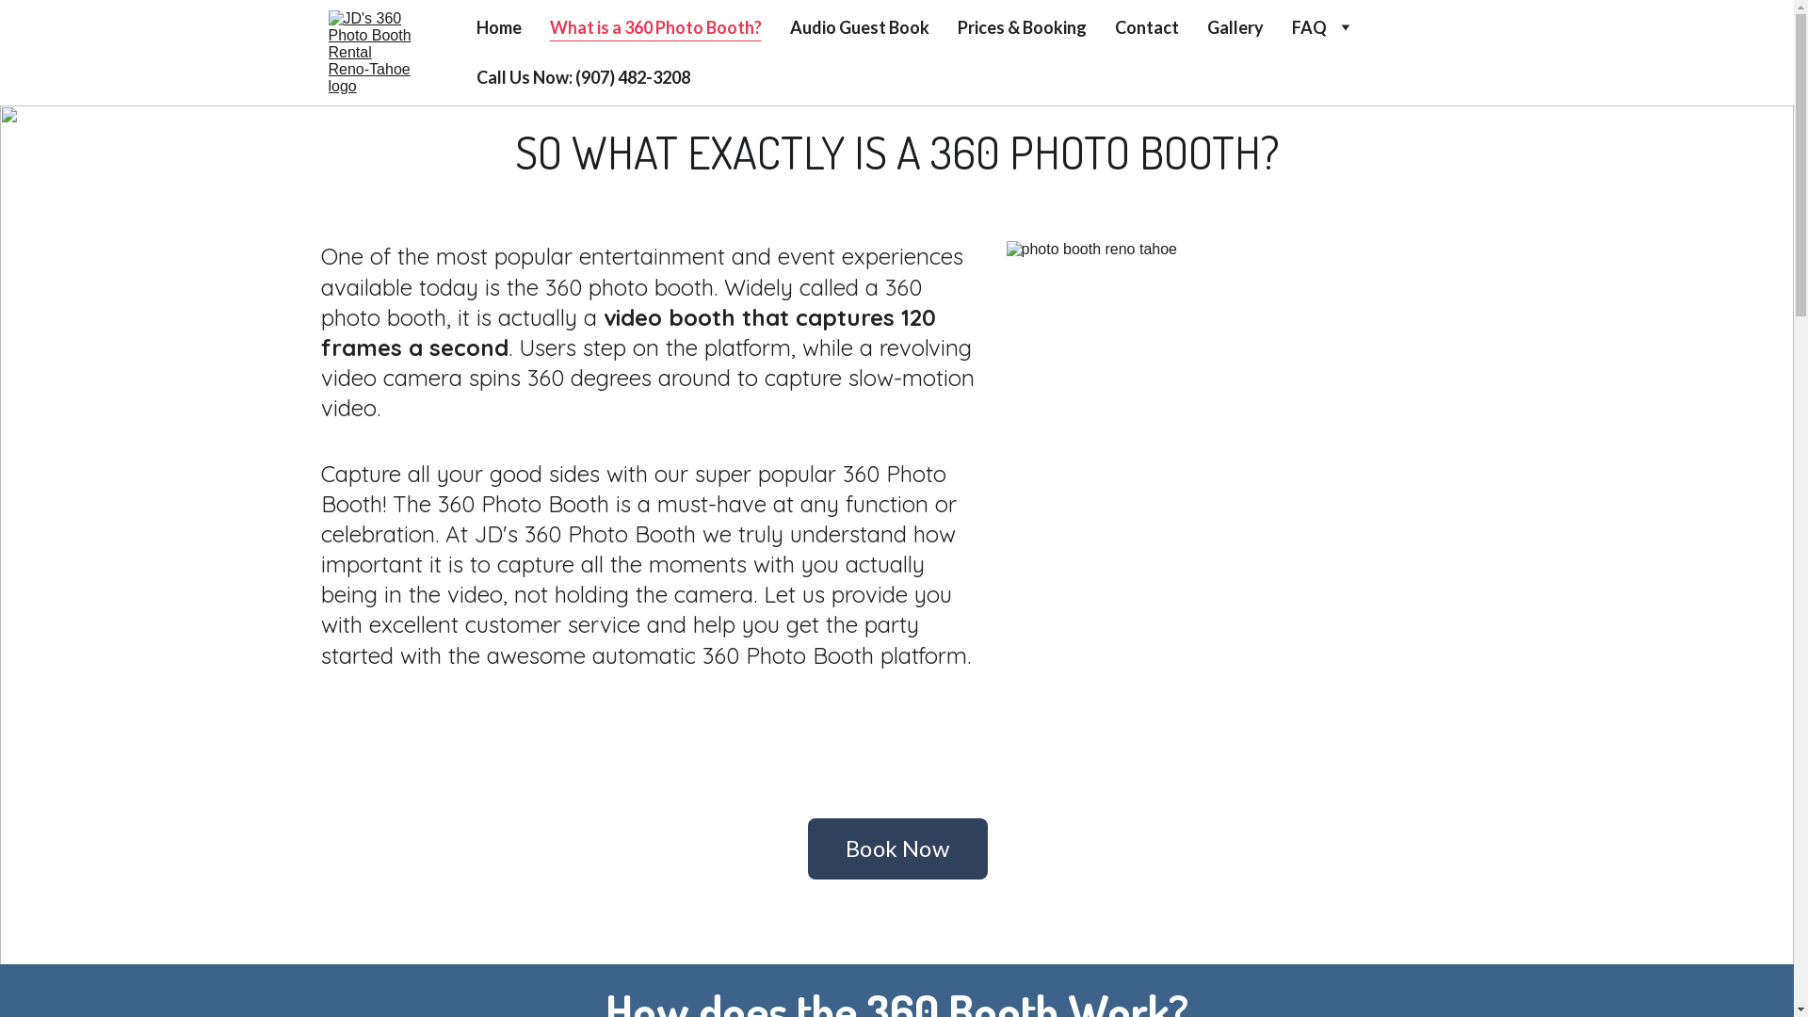 This screenshot has width=1808, height=1017. Describe the element at coordinates (549, 27) in the screenshot. I see `'What is a 360 Photo Booth?'` at that location.